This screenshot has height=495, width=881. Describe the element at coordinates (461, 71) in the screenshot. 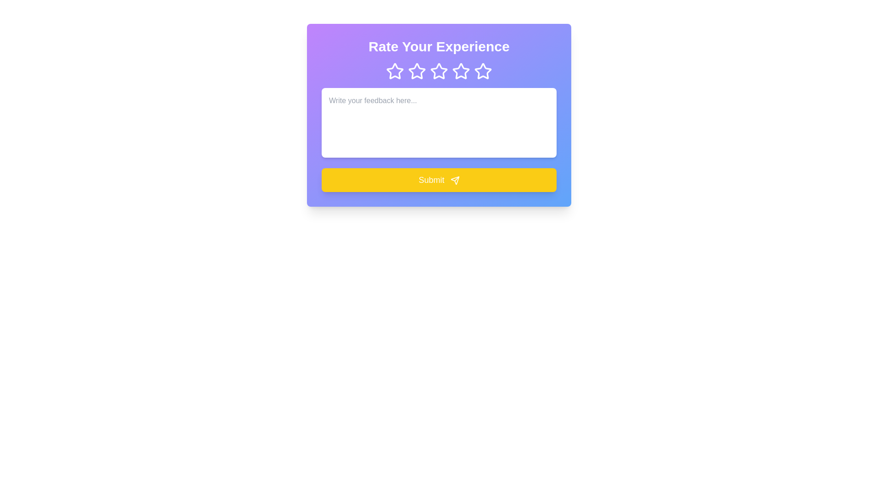

I see `the fourth star icon in a row of five stars on the feedback card` at that location.